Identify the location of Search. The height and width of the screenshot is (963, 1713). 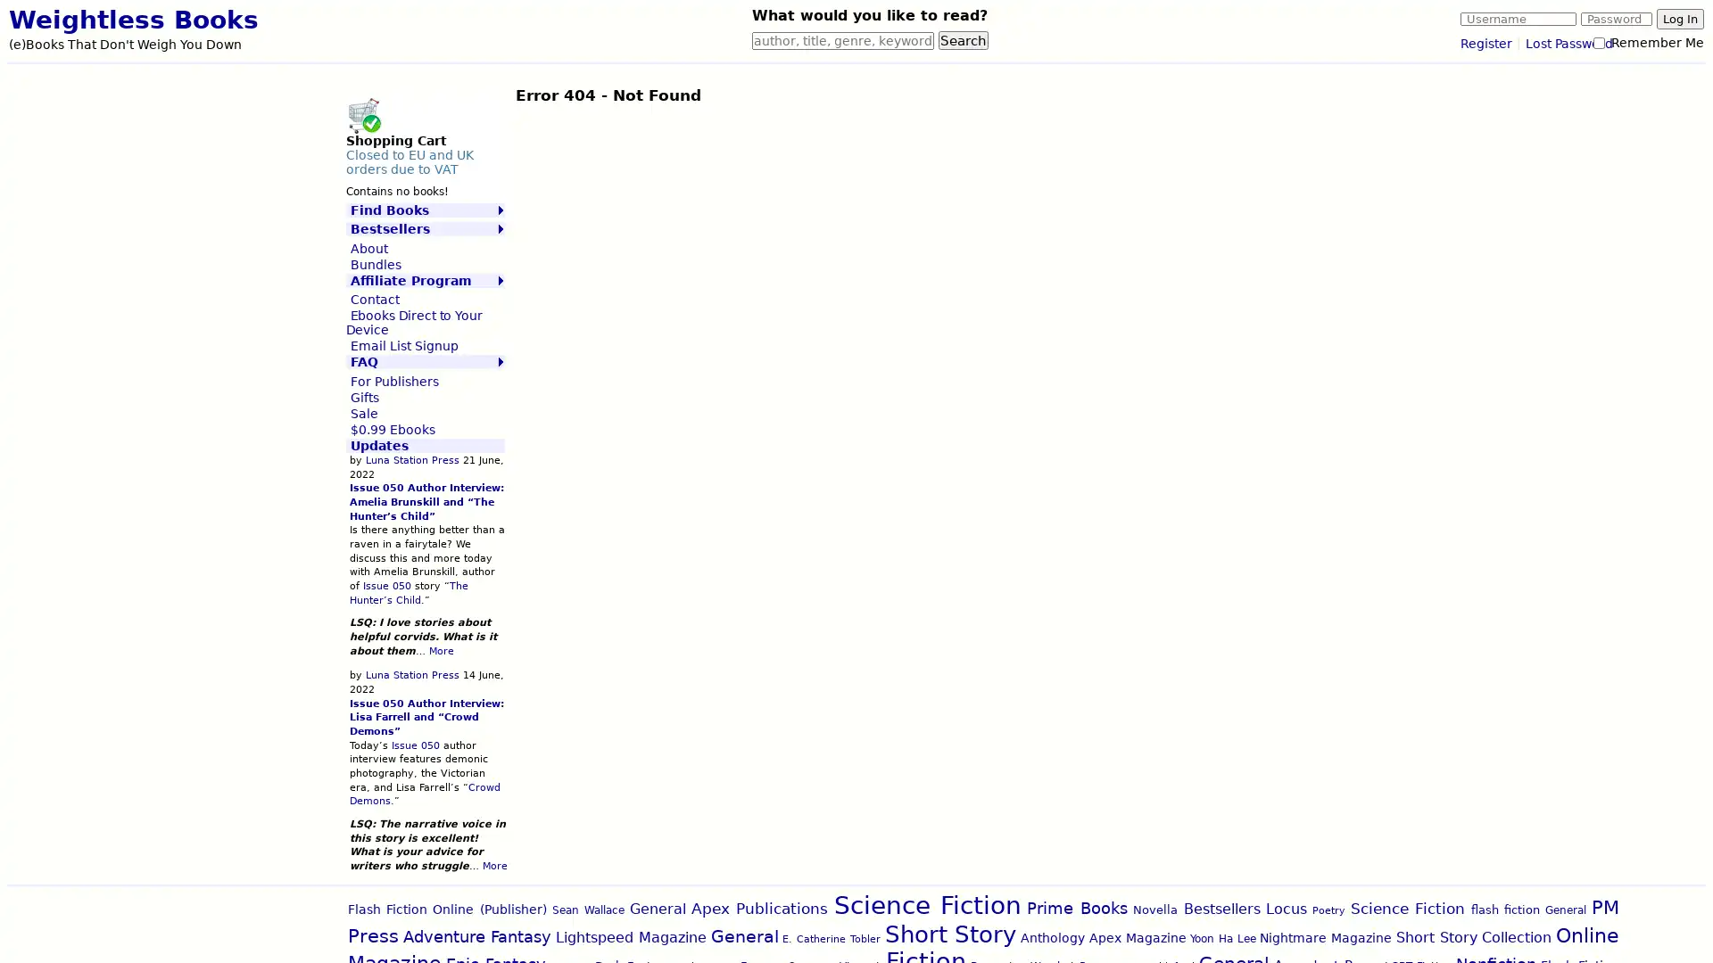
(963, 40).